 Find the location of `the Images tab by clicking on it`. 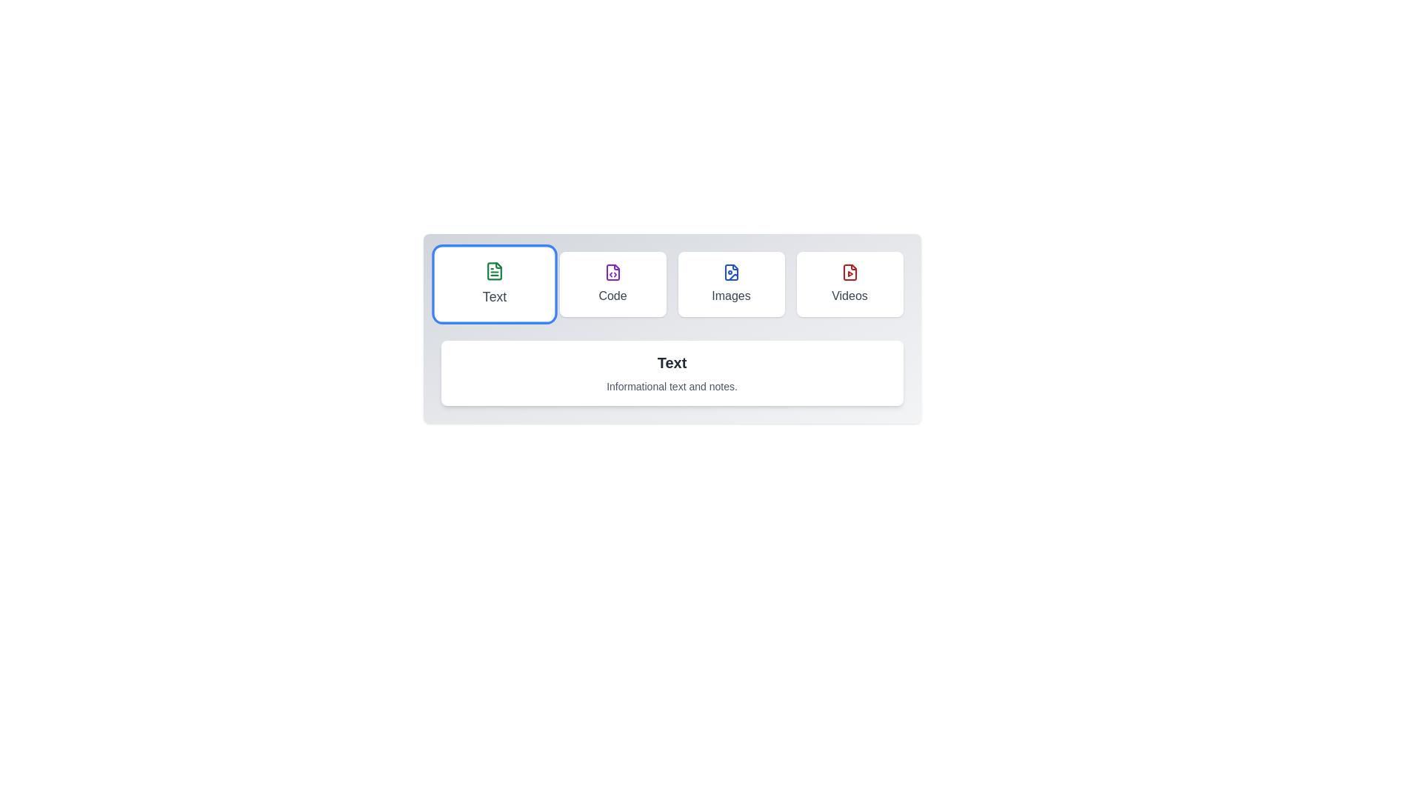

the Images tab by clicking on it is located at coordinates (731, 284).